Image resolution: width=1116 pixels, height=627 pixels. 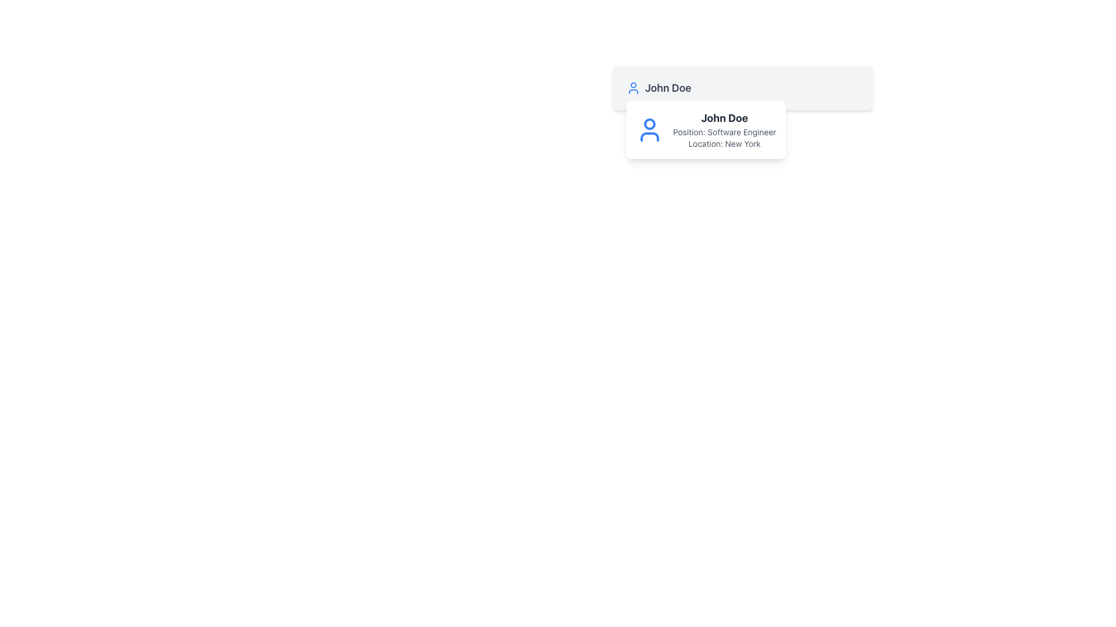 What do you see at coordinates (668, 87) in the screenshot?
I see `the text label displaying 'John Doe' in bold dark-gray font, which is part of a user profile interface, positioned to the right of a person icon` at bounding box center [668, 87].